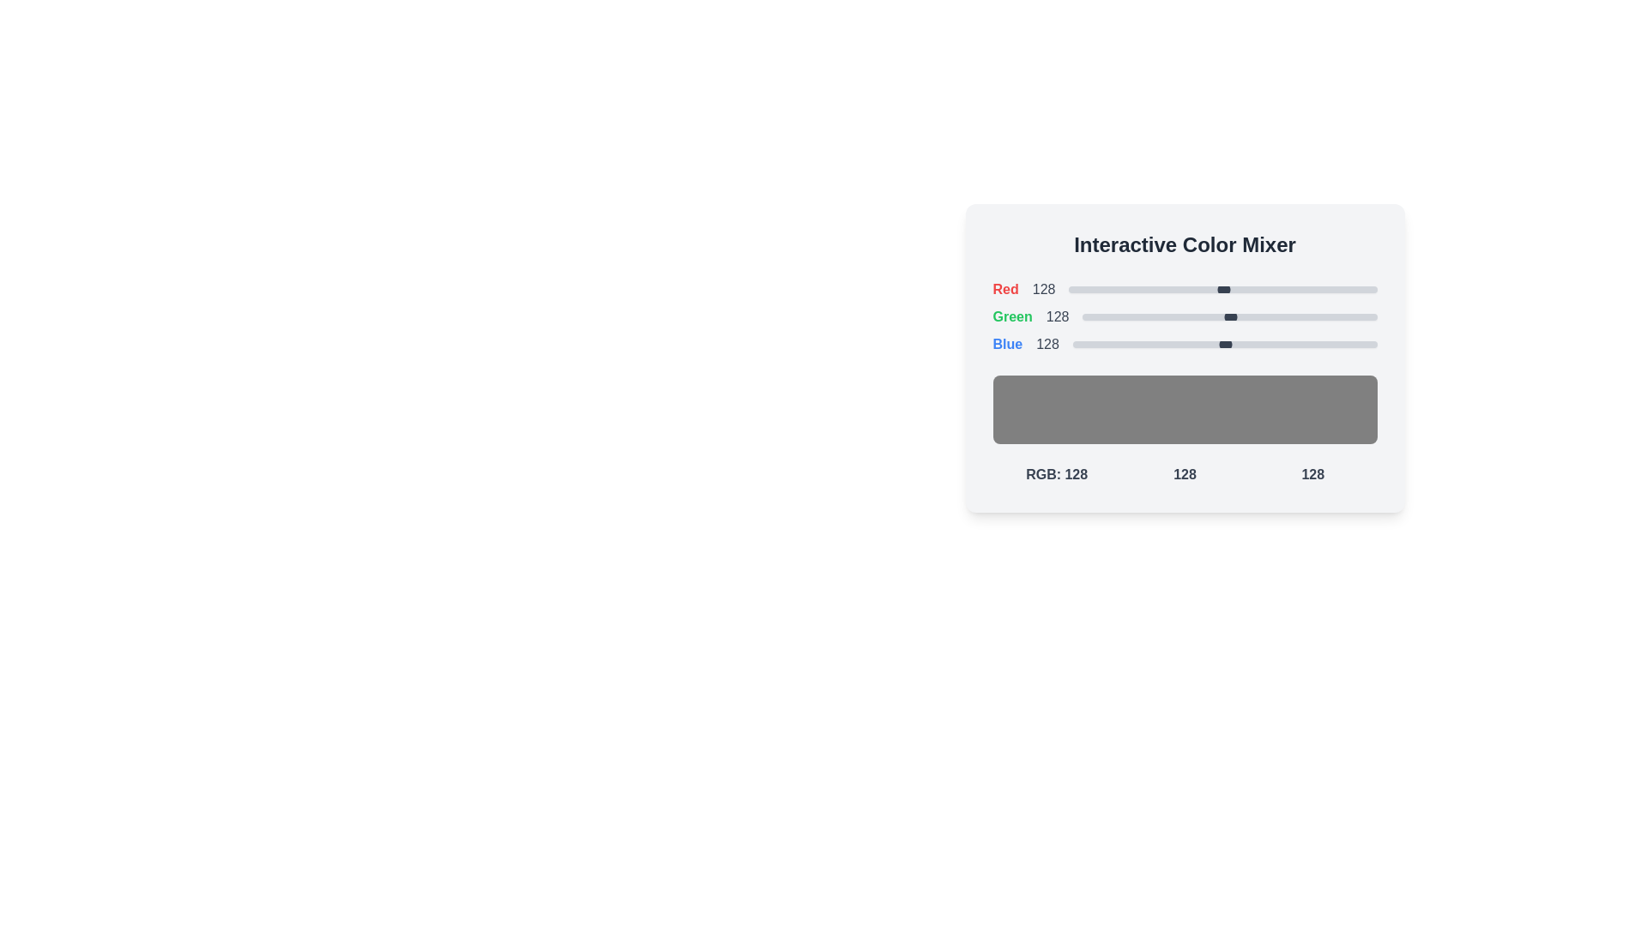 The width and height of the screenshot is (1647, 926). I want to click on the bold, dark-gray text label displaying 'RGB: 128 128 128' located at the bottom of the 'Interactive Color Mixer' widget, so click(1184, 475).